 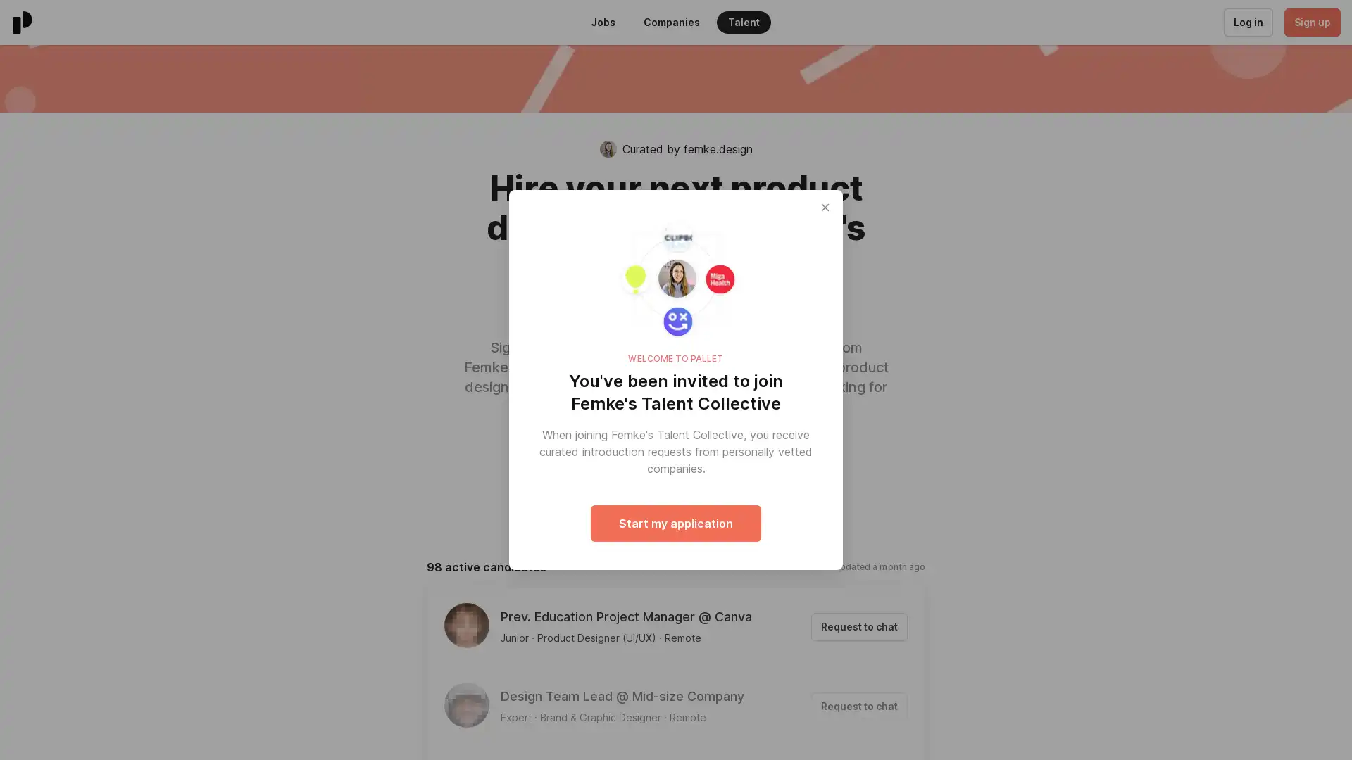 What do you see at coordinates (1247, 22) in the screenshot?
I see `Log in` at bounding box center [1247, 22].